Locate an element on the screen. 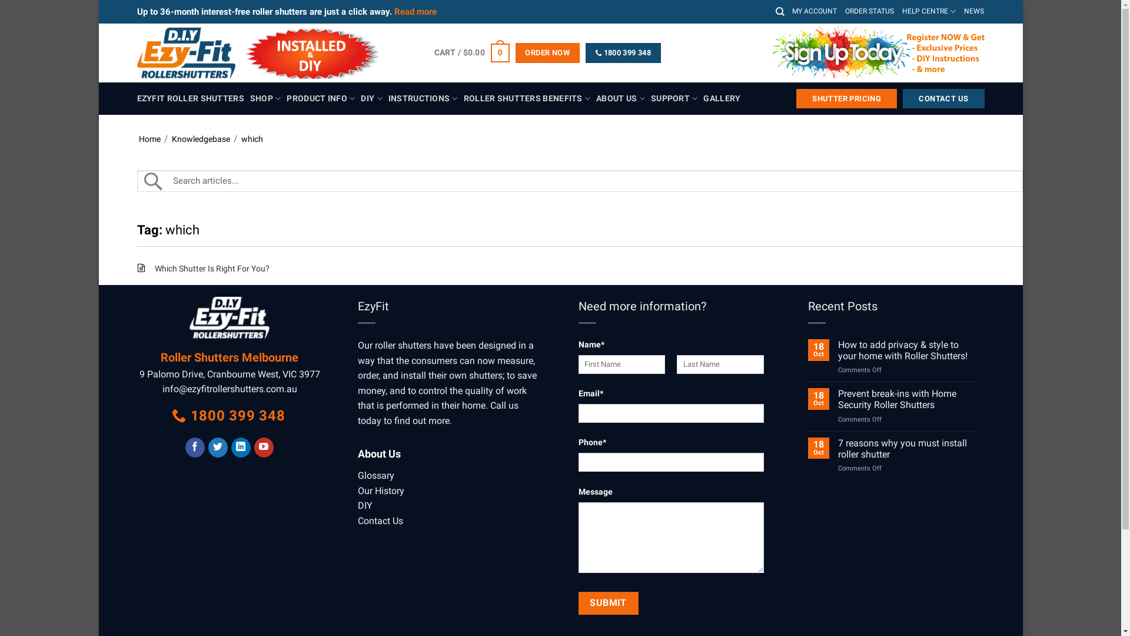 This screenshot has width=1130, height=636. 'MY ACCOUNT' is located at coordinates (813, 11).